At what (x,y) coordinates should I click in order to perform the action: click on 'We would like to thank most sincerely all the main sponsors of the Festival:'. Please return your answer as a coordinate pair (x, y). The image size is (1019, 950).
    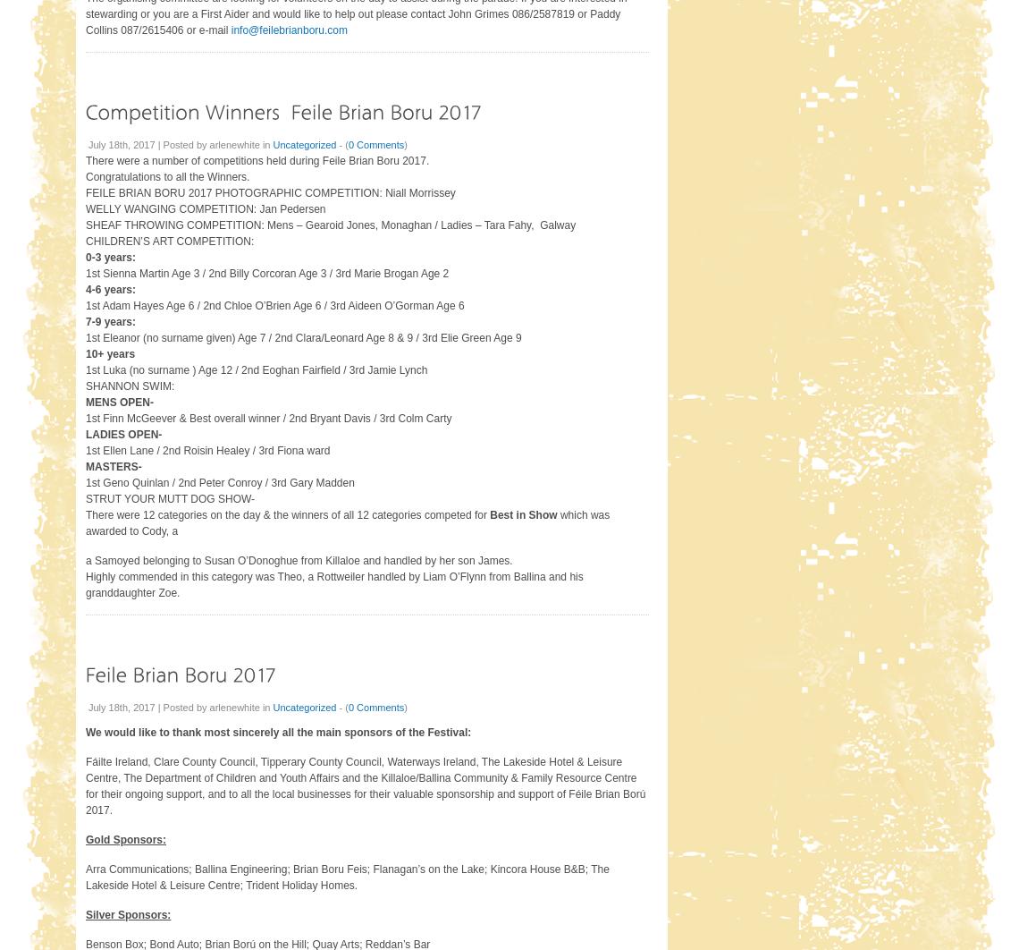
    Looking at the image, I should click on (84, 730).